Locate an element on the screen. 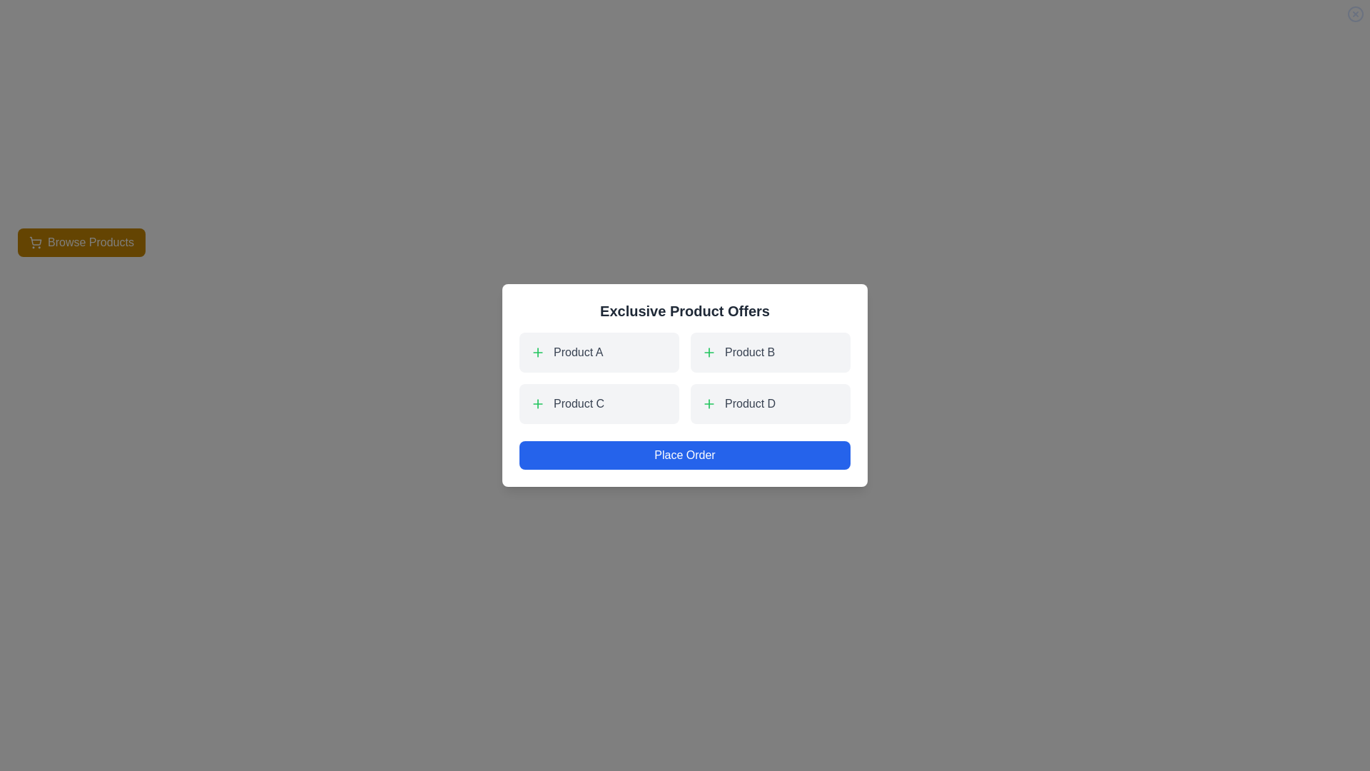  the icon button positioned towards the left side of the 'Product D' box is located at coordinates (709, 404).